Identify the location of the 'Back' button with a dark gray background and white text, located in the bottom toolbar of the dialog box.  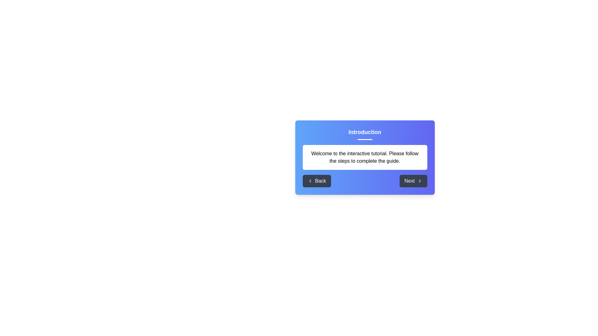
(317, 181).